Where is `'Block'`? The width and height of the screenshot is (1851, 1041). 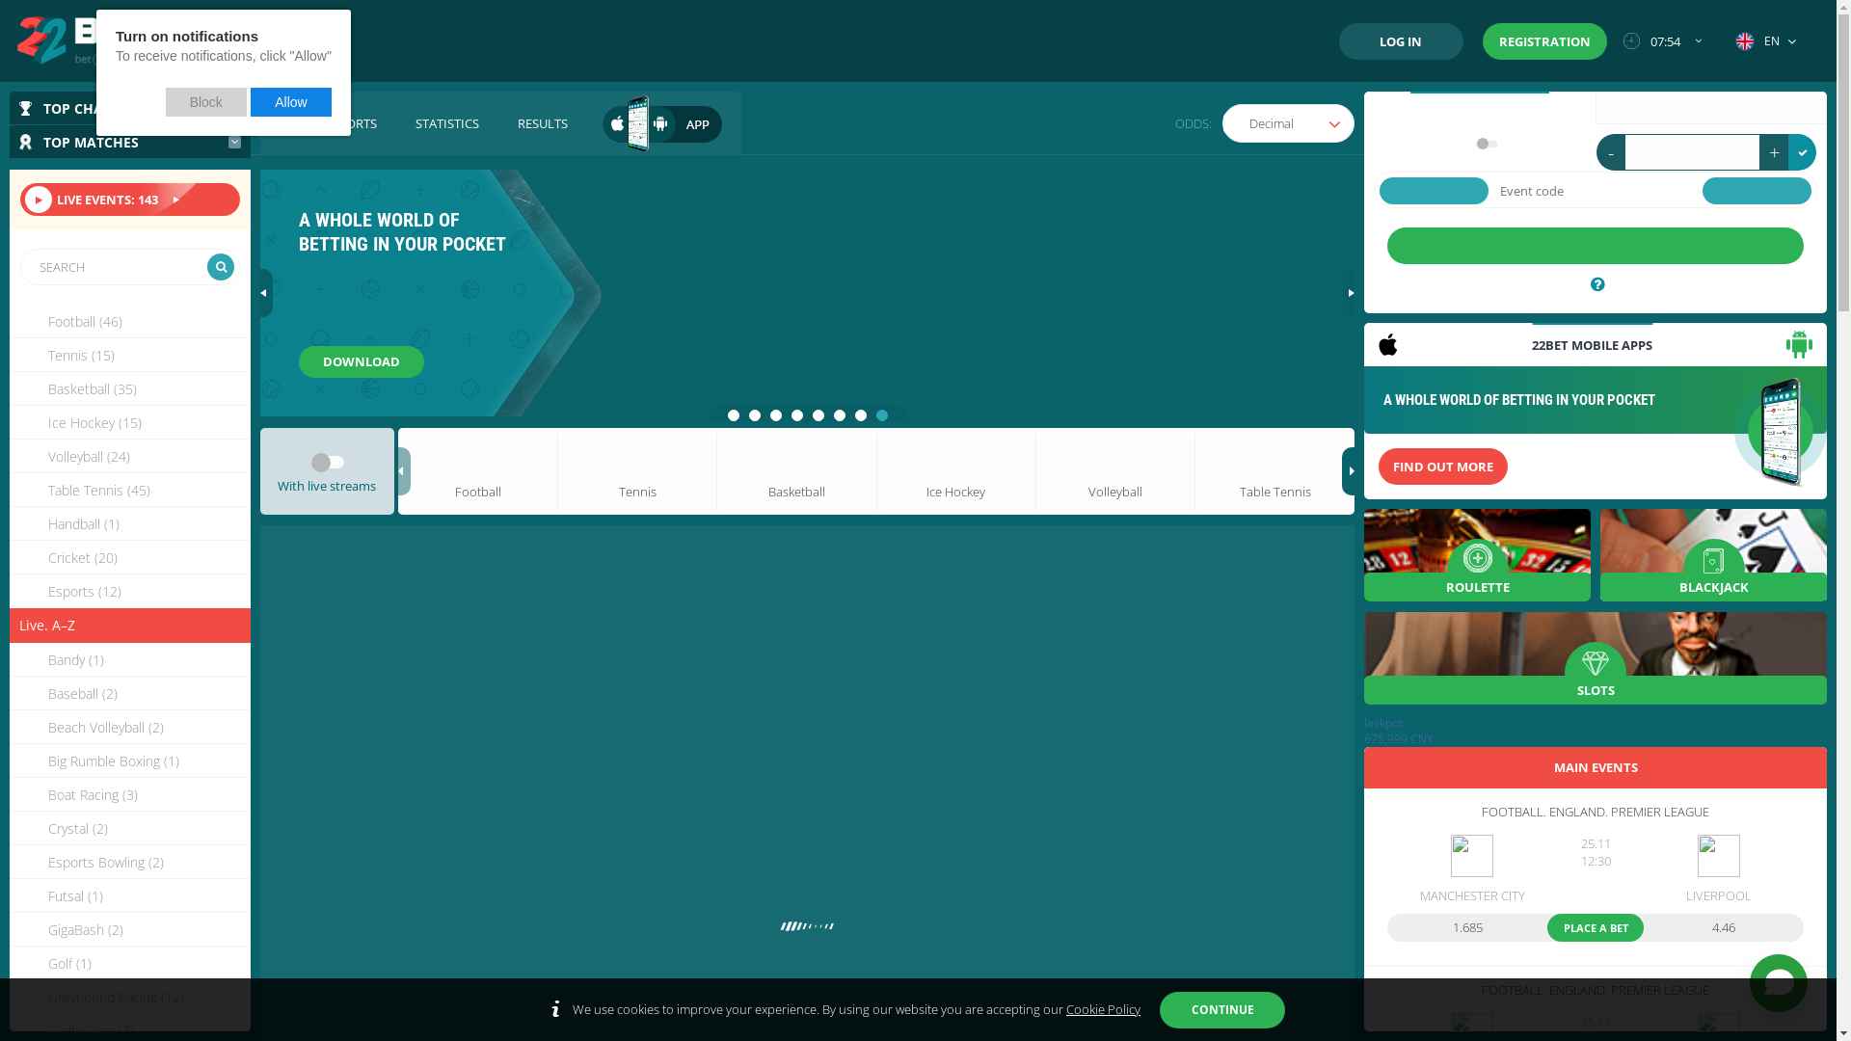
'Block' is located at coordinates (206, 101).